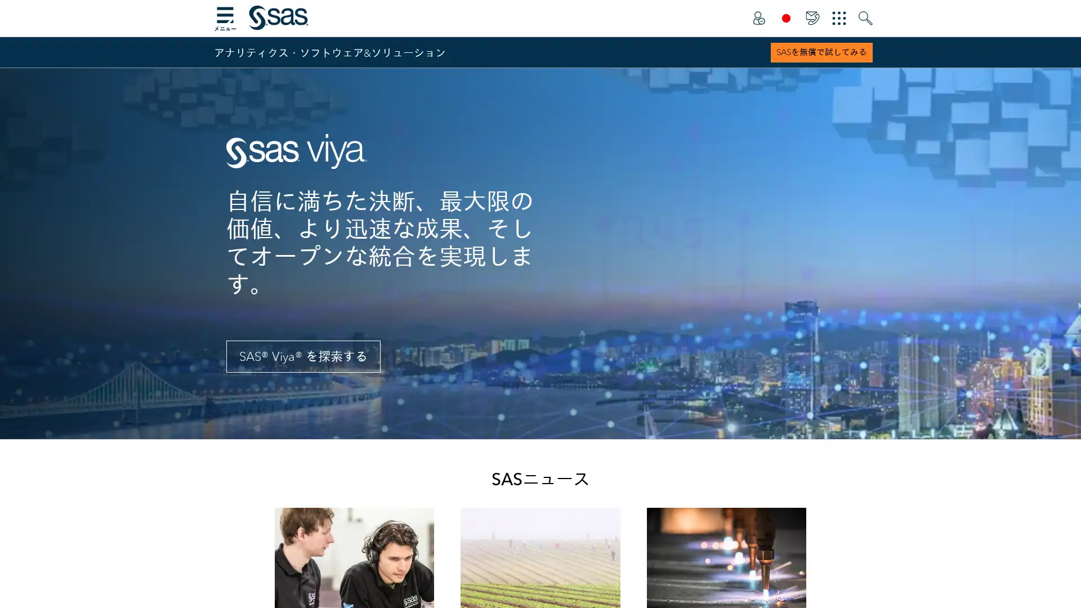  Describe the element at coordinates (785, 18) in the screenshot. I see `Worldwide Sites` at that location.